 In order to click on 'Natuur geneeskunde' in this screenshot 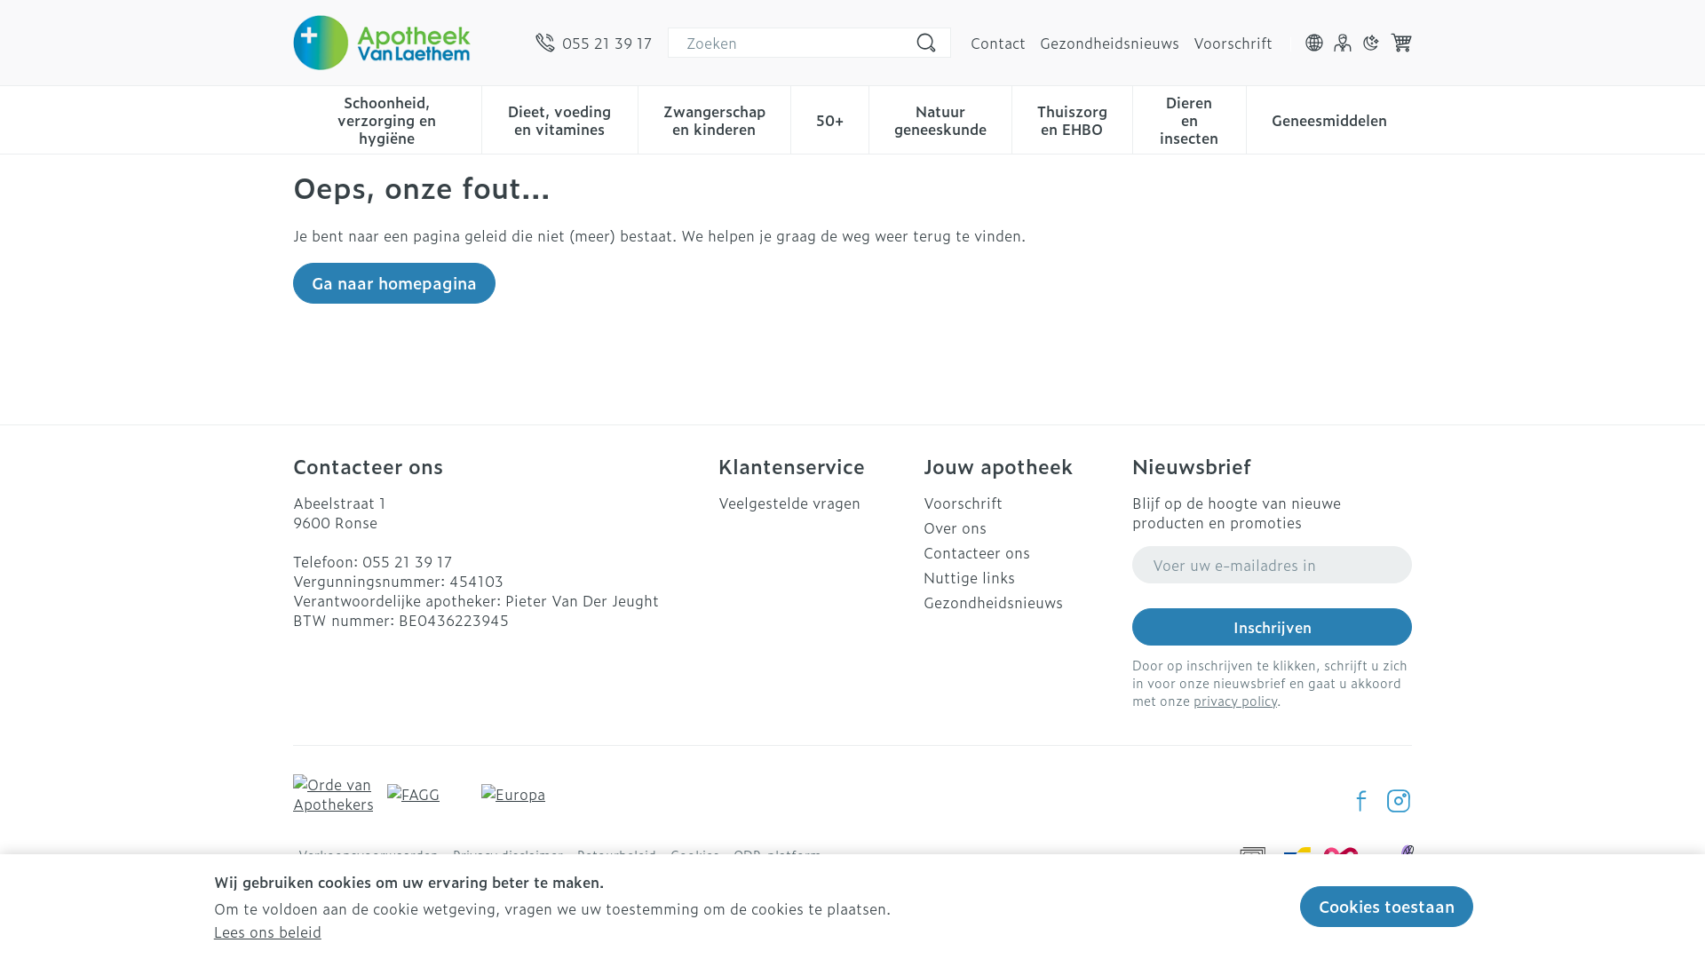, I will do `click(940, 117)`.